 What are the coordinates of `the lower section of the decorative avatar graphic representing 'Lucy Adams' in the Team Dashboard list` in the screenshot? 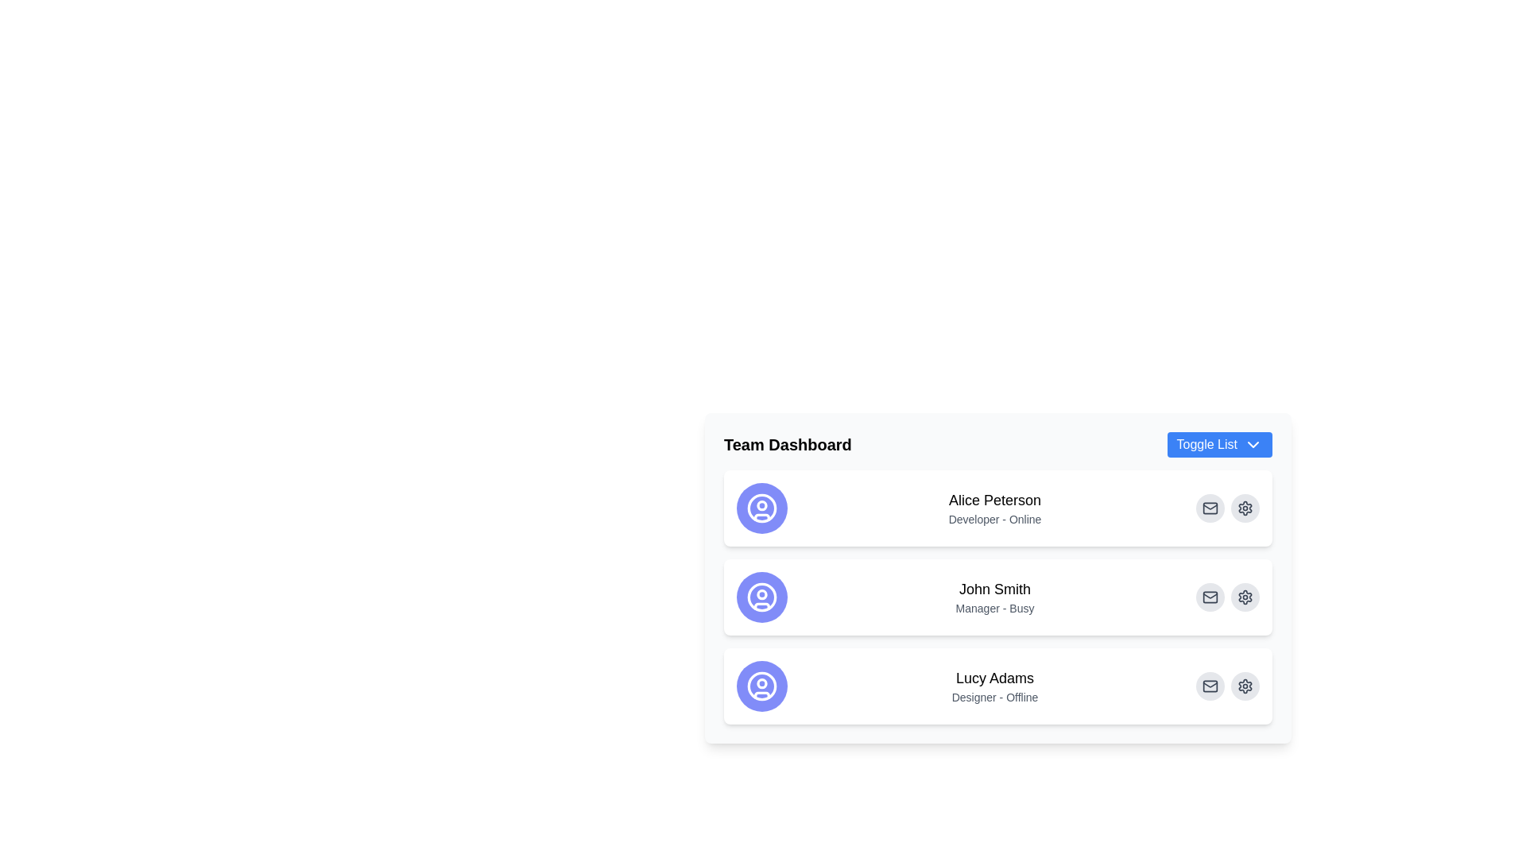 It's located at (761, 694).